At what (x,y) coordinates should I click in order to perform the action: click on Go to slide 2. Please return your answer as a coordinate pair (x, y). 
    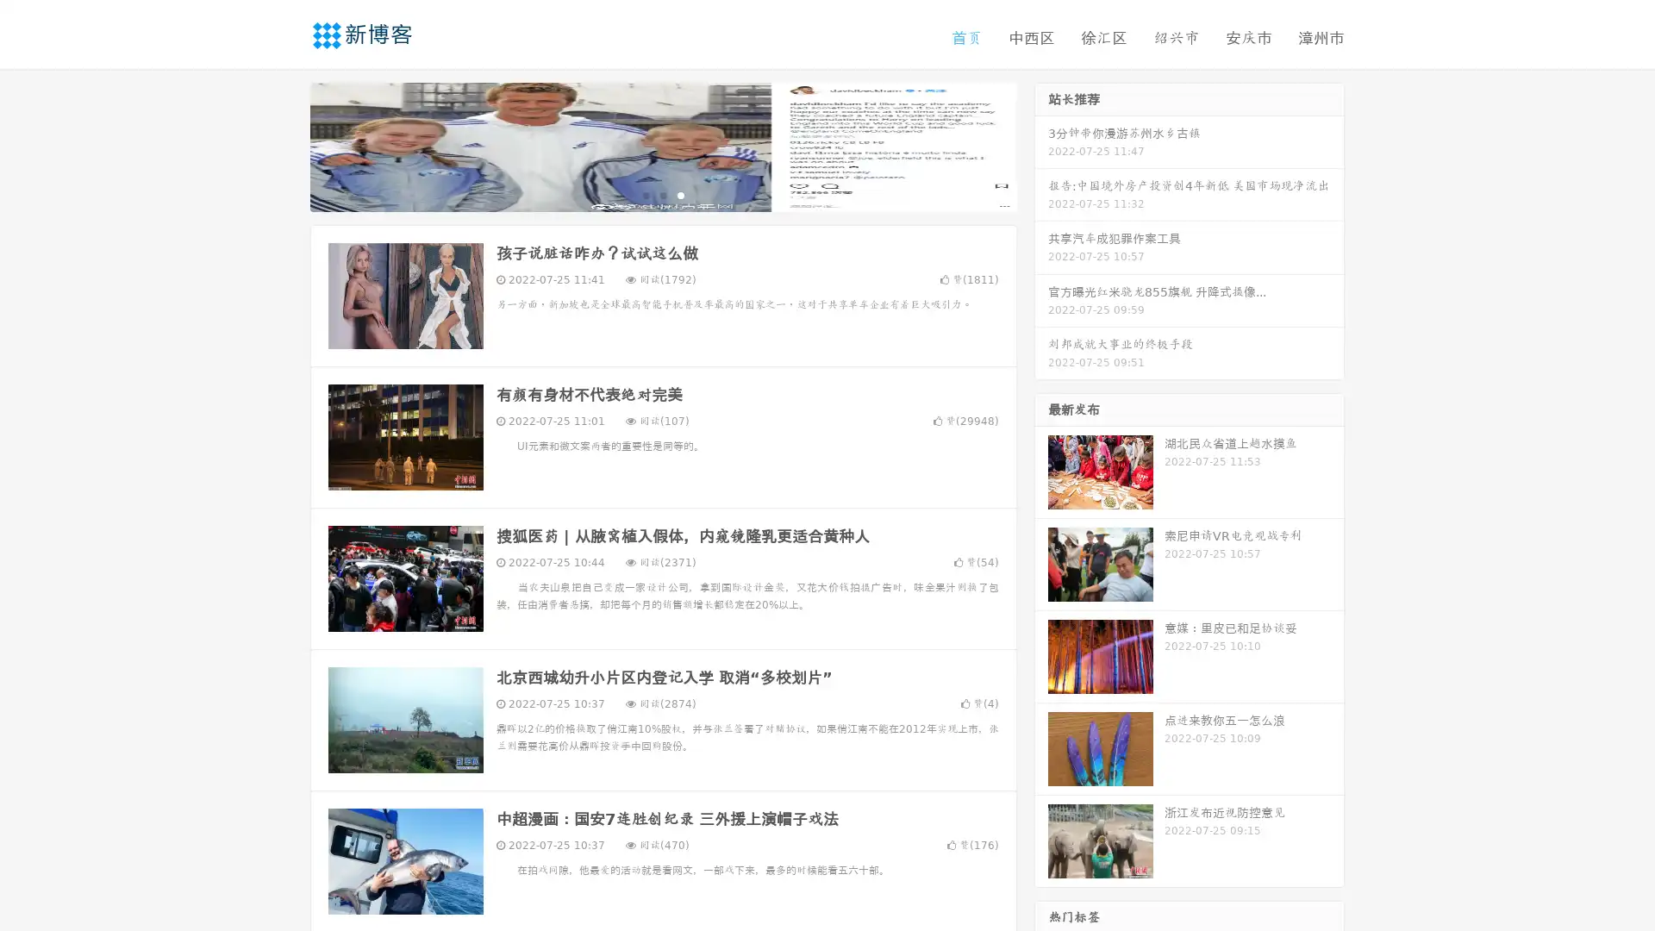
    Looking at the image, I should click on (662, 194).